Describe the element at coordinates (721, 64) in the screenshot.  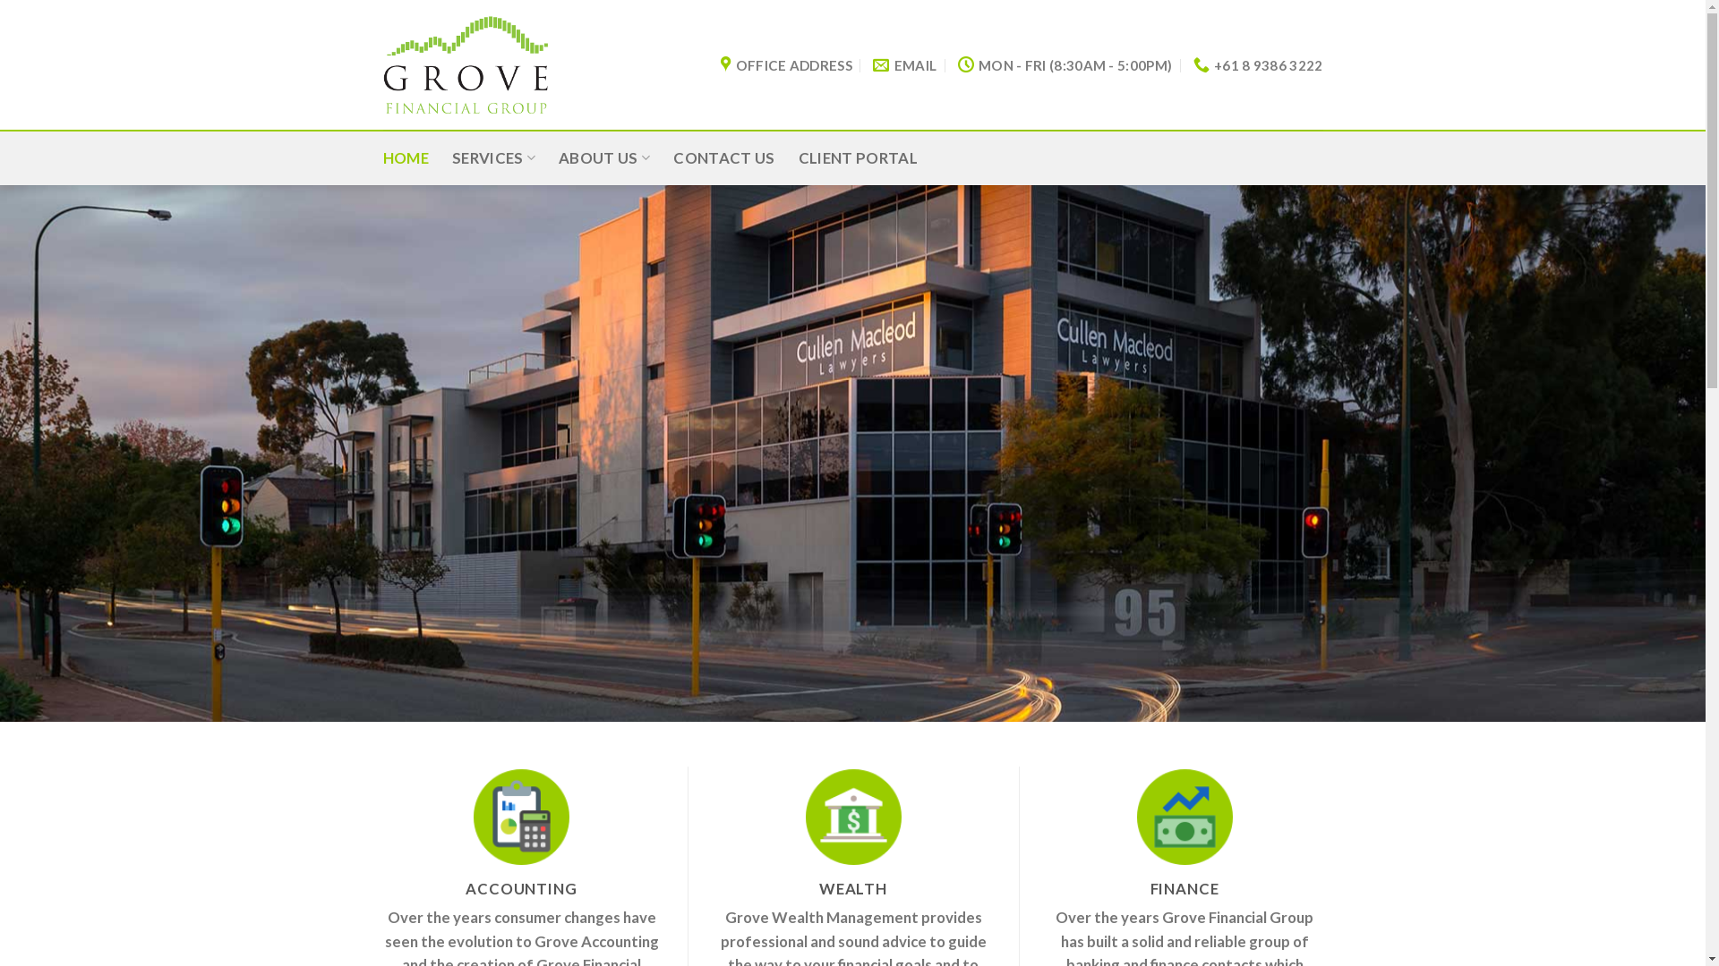
I see `'OFFICE ADDRESS'` at that location.